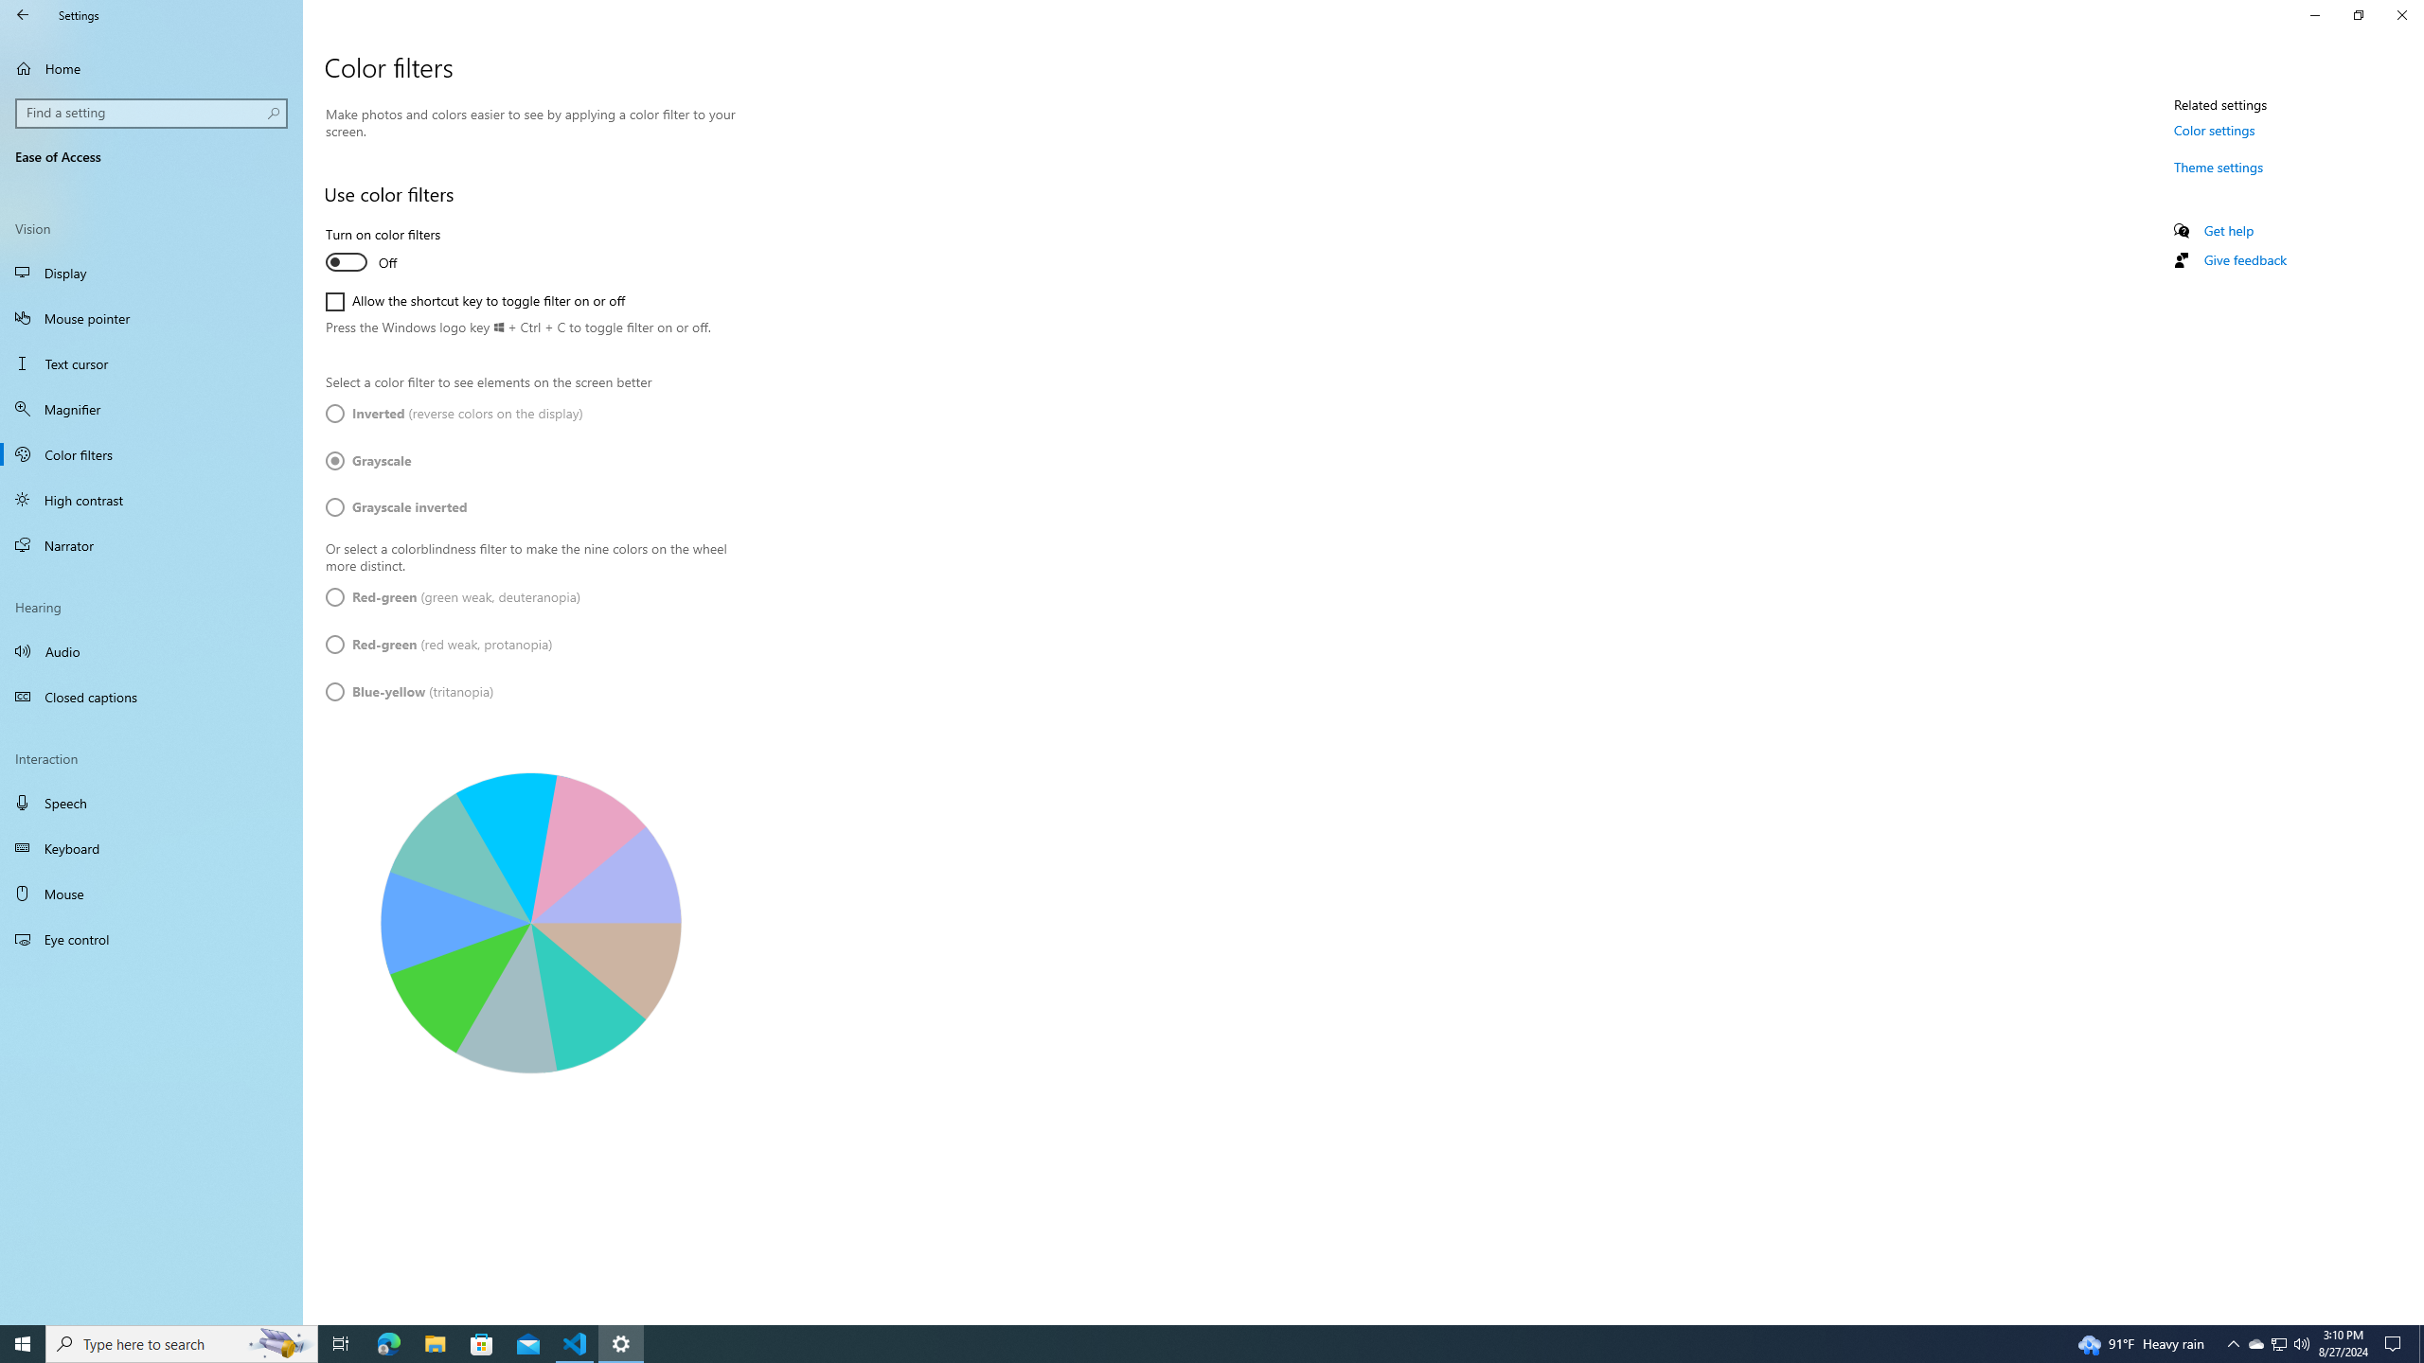  Describe the element at coordinates (575, 1342) in the screenshot. I see `'Visual Studio Code - 1 running window'` at that location.